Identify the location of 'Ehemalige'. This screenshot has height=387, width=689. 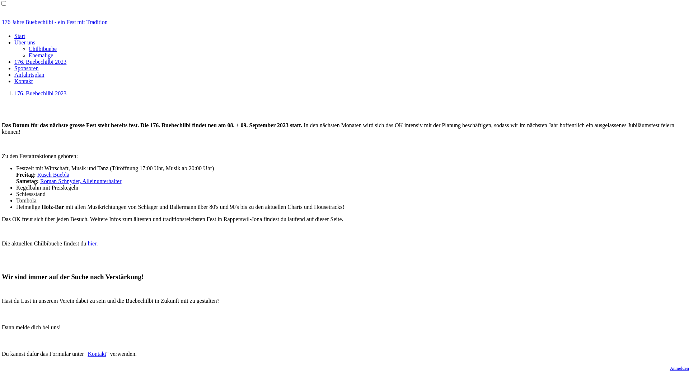
(41, 55).